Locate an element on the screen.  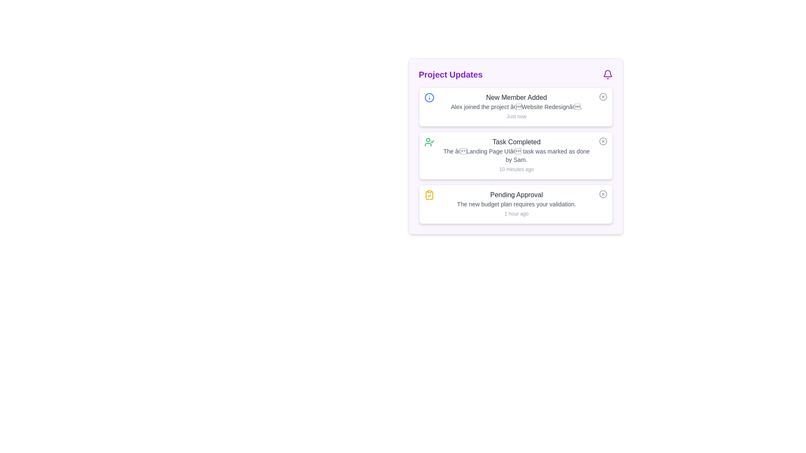
the purple bell-shaped icon located at the top-right corner of the notification card header is located at coordinates (607, 73).